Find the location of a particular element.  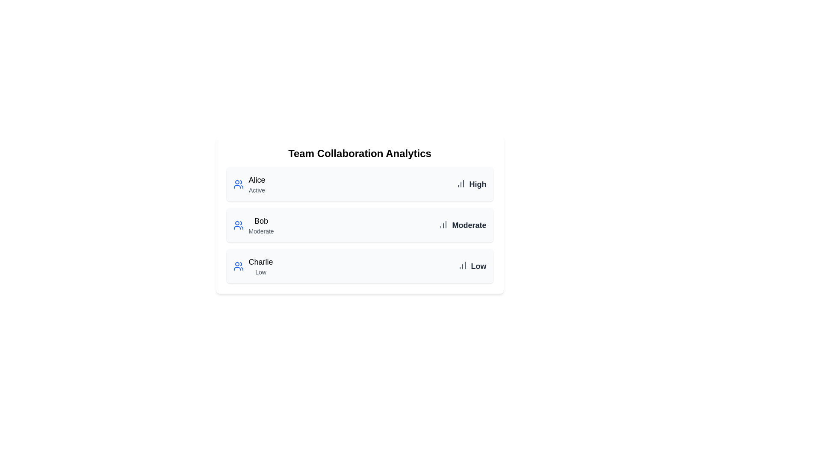

the activity status text for Bob is located at coordinates (261, 231).